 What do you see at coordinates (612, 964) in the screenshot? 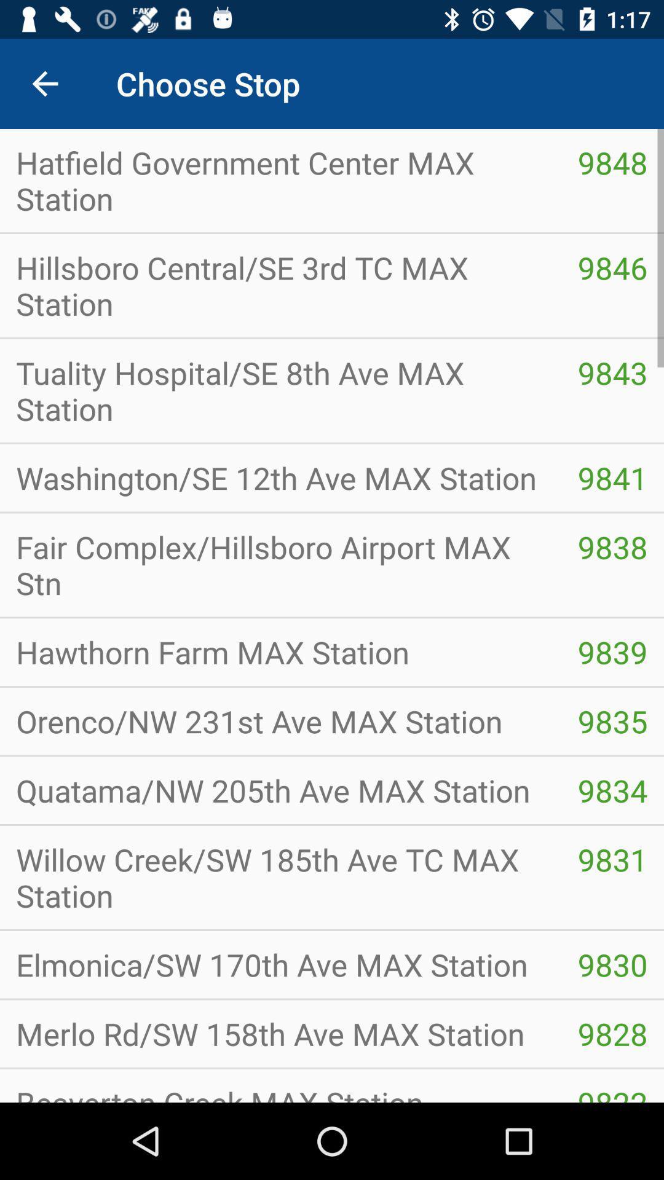
I see `item below willow creek sw item` at bounding box center [612, 964].